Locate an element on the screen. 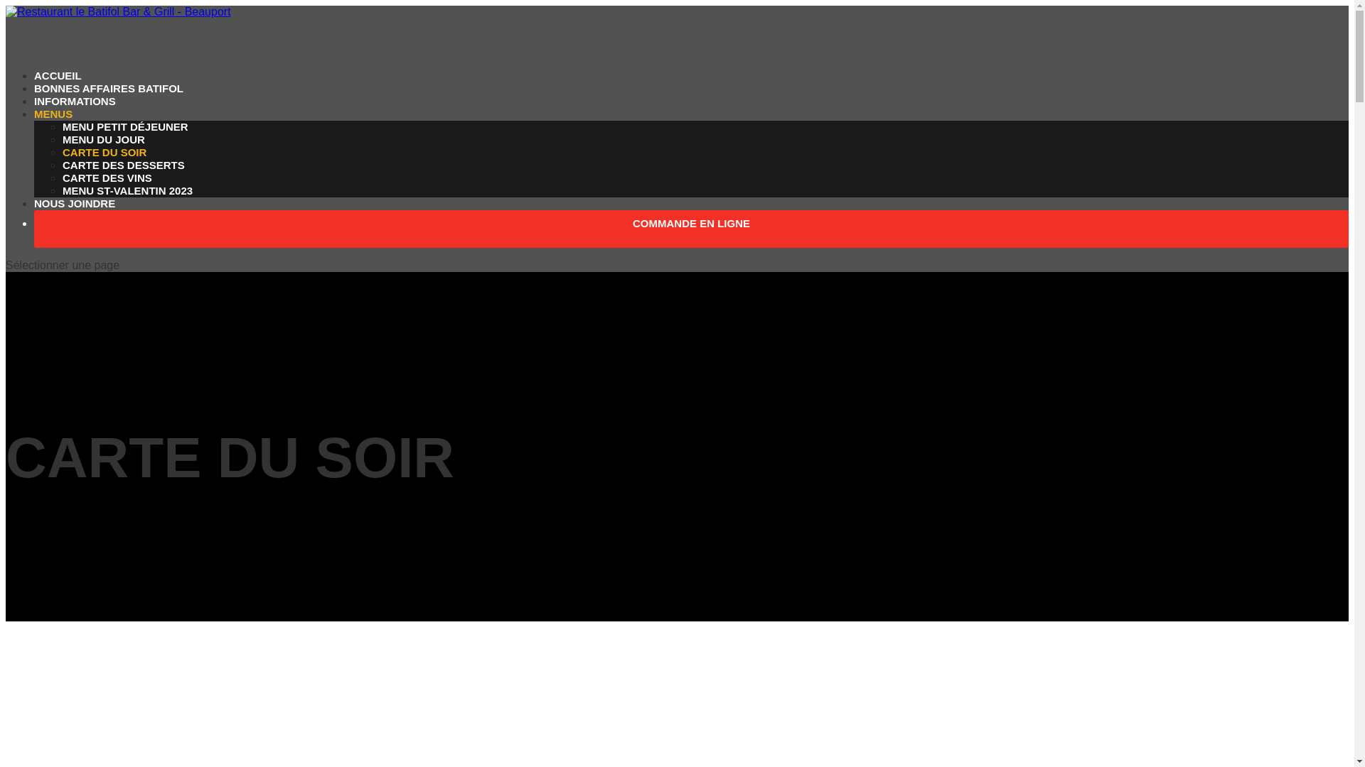  'INFORMATIONS' is located at coordinates (34, 120).